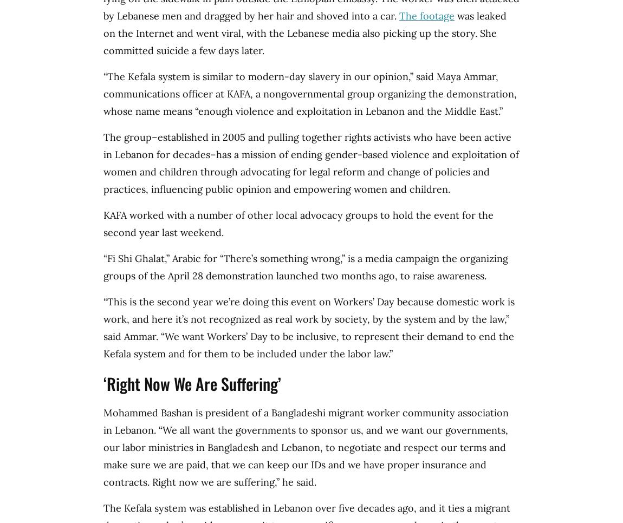 The image size is (623, 523). Describe the element at coordinates (103, 455) in the screenshot. I see `'. “We all want the governments to sponsor us, and we want our governments, our labor ministries in Bangladesh and Lebanon, to negotiate and respect our terms and make sure we are paid, that we can keep our IDs and we have proper insurance and contracts. Right now we are suffering,” he said.'` at that location.